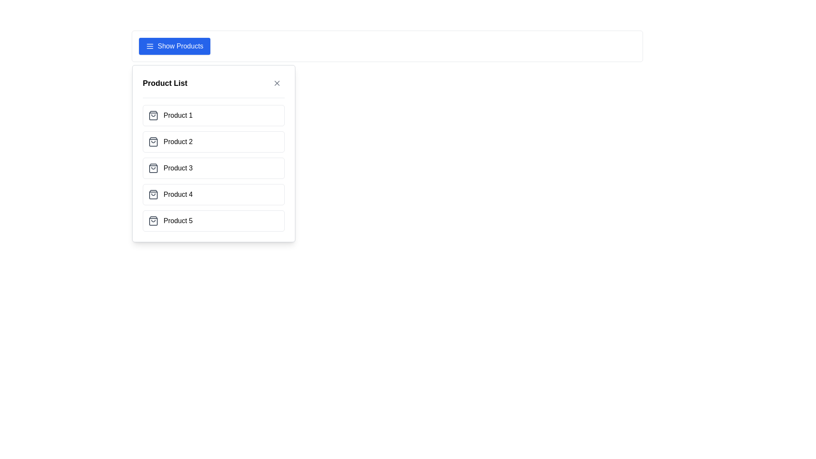 The height and width of the screenshot is (459, 816). Describe the element at coordinates (150, 46) in the screenshot. I see `the icon located to the left of the 'Show Products' button, which serves as a visual indicator for toggling or displaying the product list` at that location.